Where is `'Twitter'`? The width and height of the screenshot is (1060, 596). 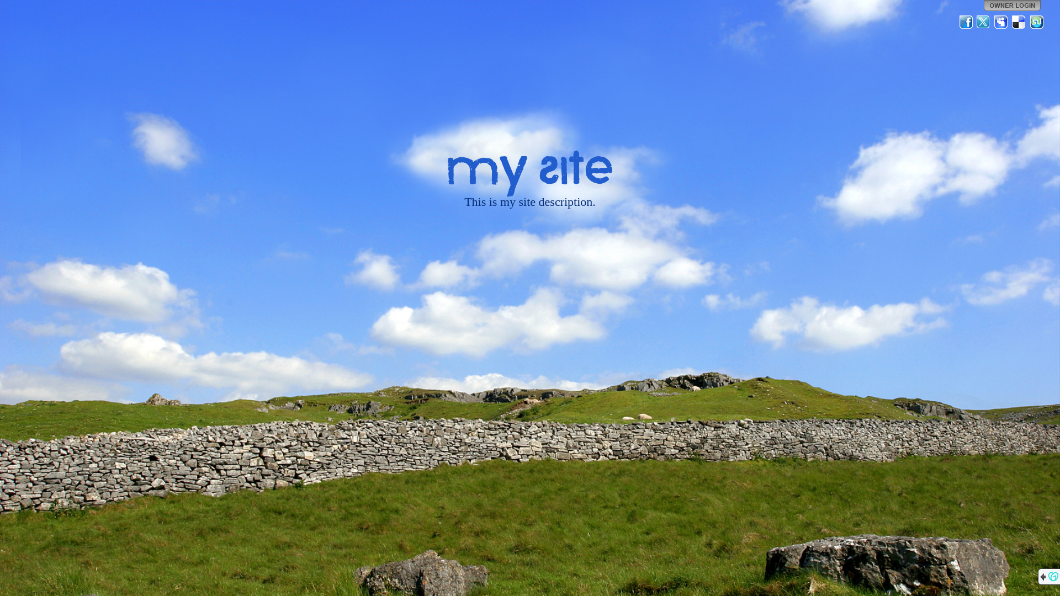 'Twitter' is located at coordinates (976, 22).